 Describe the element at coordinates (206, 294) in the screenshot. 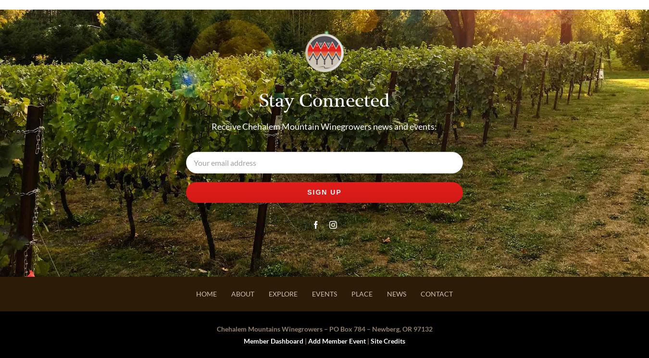

I see `'HOME'` at that location.